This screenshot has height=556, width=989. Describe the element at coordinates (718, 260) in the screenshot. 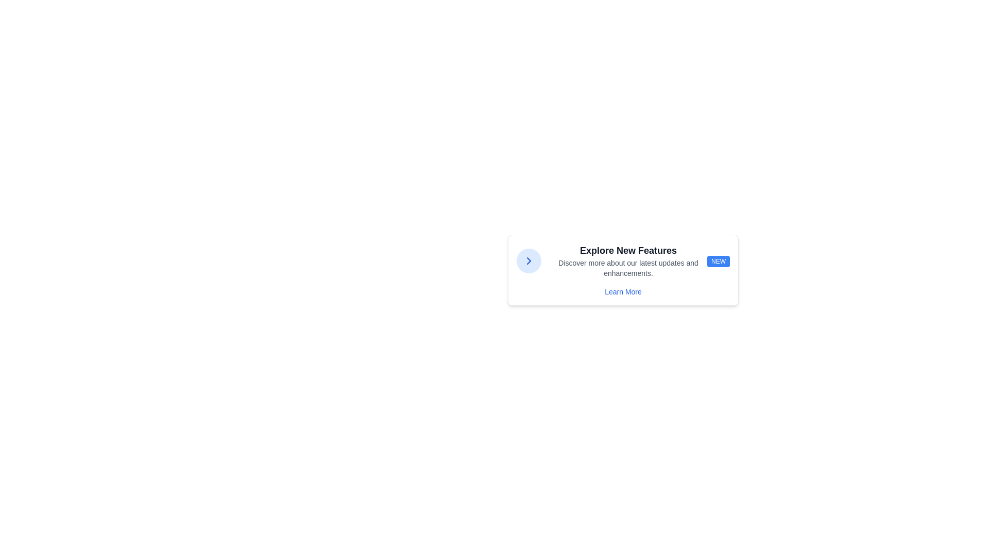

I see `the small rectangular badge with a blue background and the text 'NEW' in white, bold, sans-serif font, which is positioned as a right-aligned label adjacent to descriptive text regarding new features` at that location.